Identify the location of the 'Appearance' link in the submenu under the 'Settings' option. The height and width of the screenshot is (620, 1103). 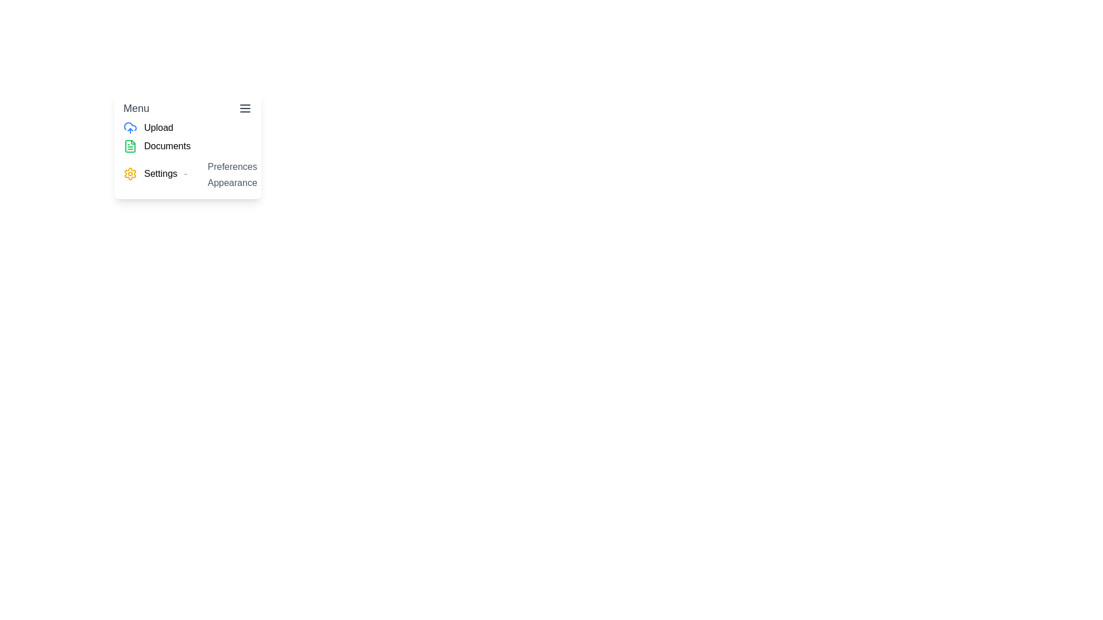
(225, 175).